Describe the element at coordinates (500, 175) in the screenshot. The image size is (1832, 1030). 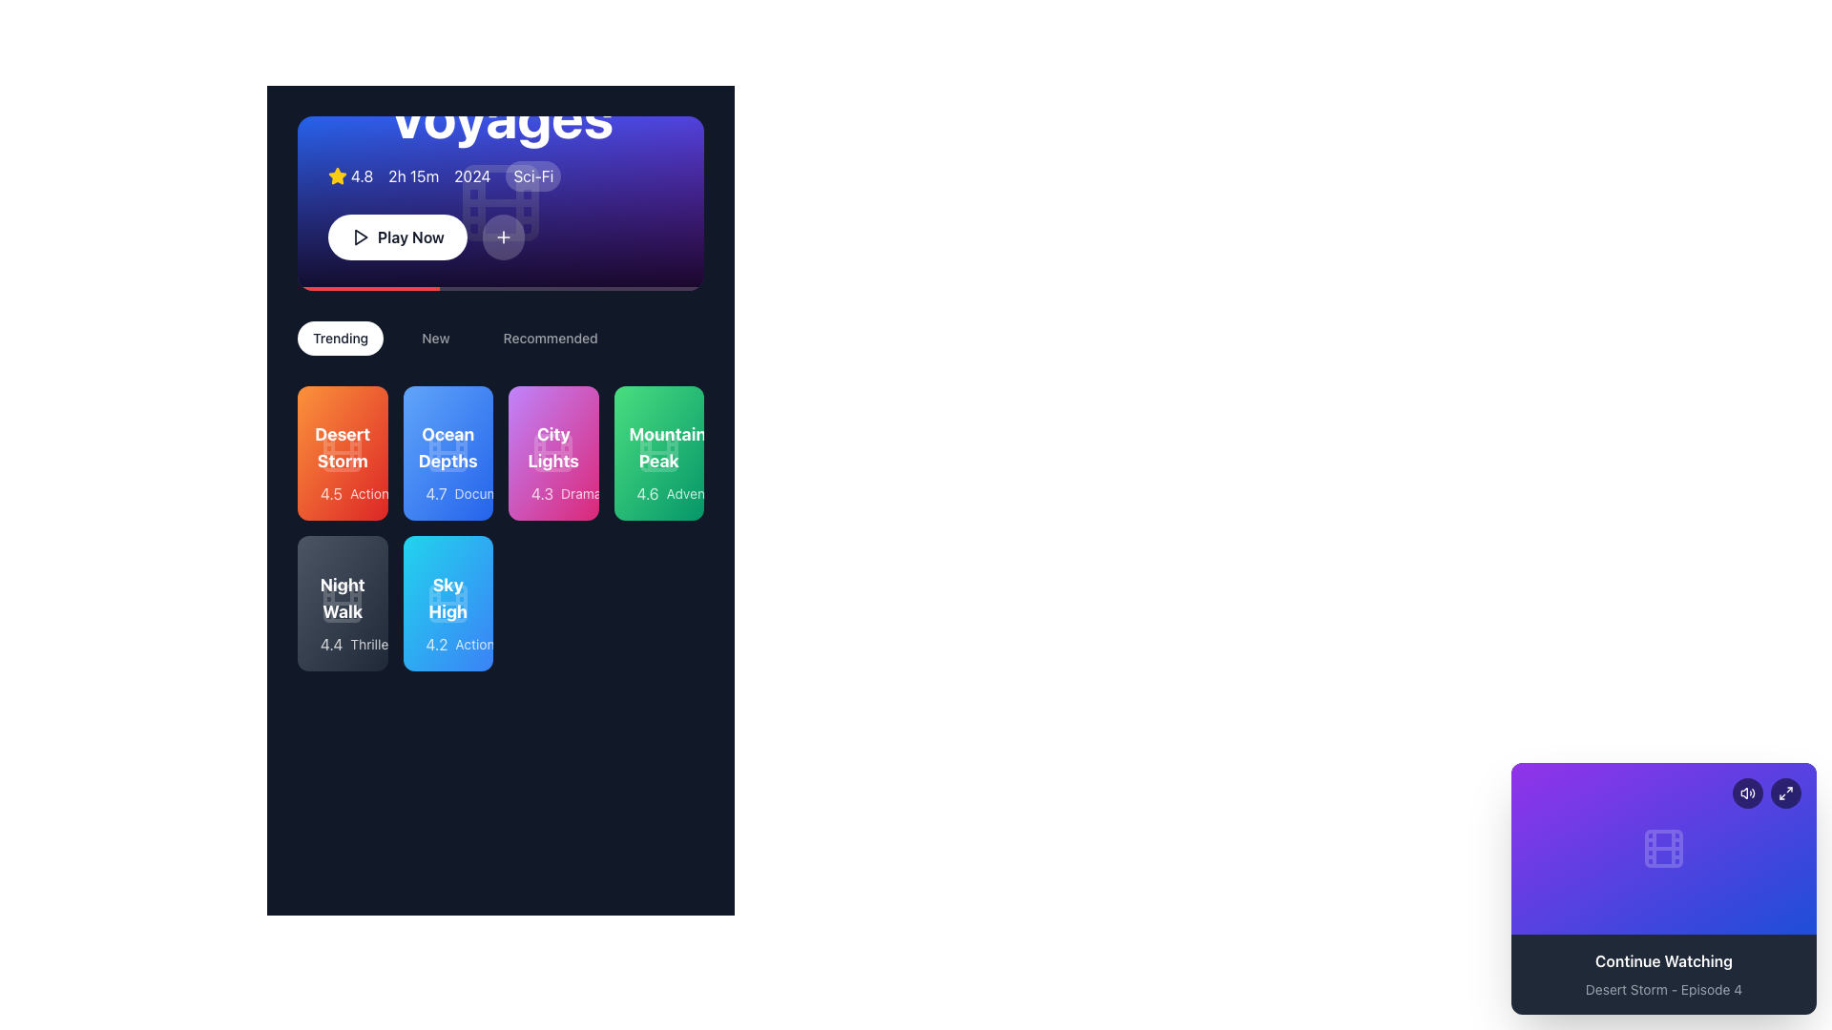
I see `the informational display component for the featured movie "Cosmic Voyages", located beneath the headline text and above the "Play Now" button` at that location.